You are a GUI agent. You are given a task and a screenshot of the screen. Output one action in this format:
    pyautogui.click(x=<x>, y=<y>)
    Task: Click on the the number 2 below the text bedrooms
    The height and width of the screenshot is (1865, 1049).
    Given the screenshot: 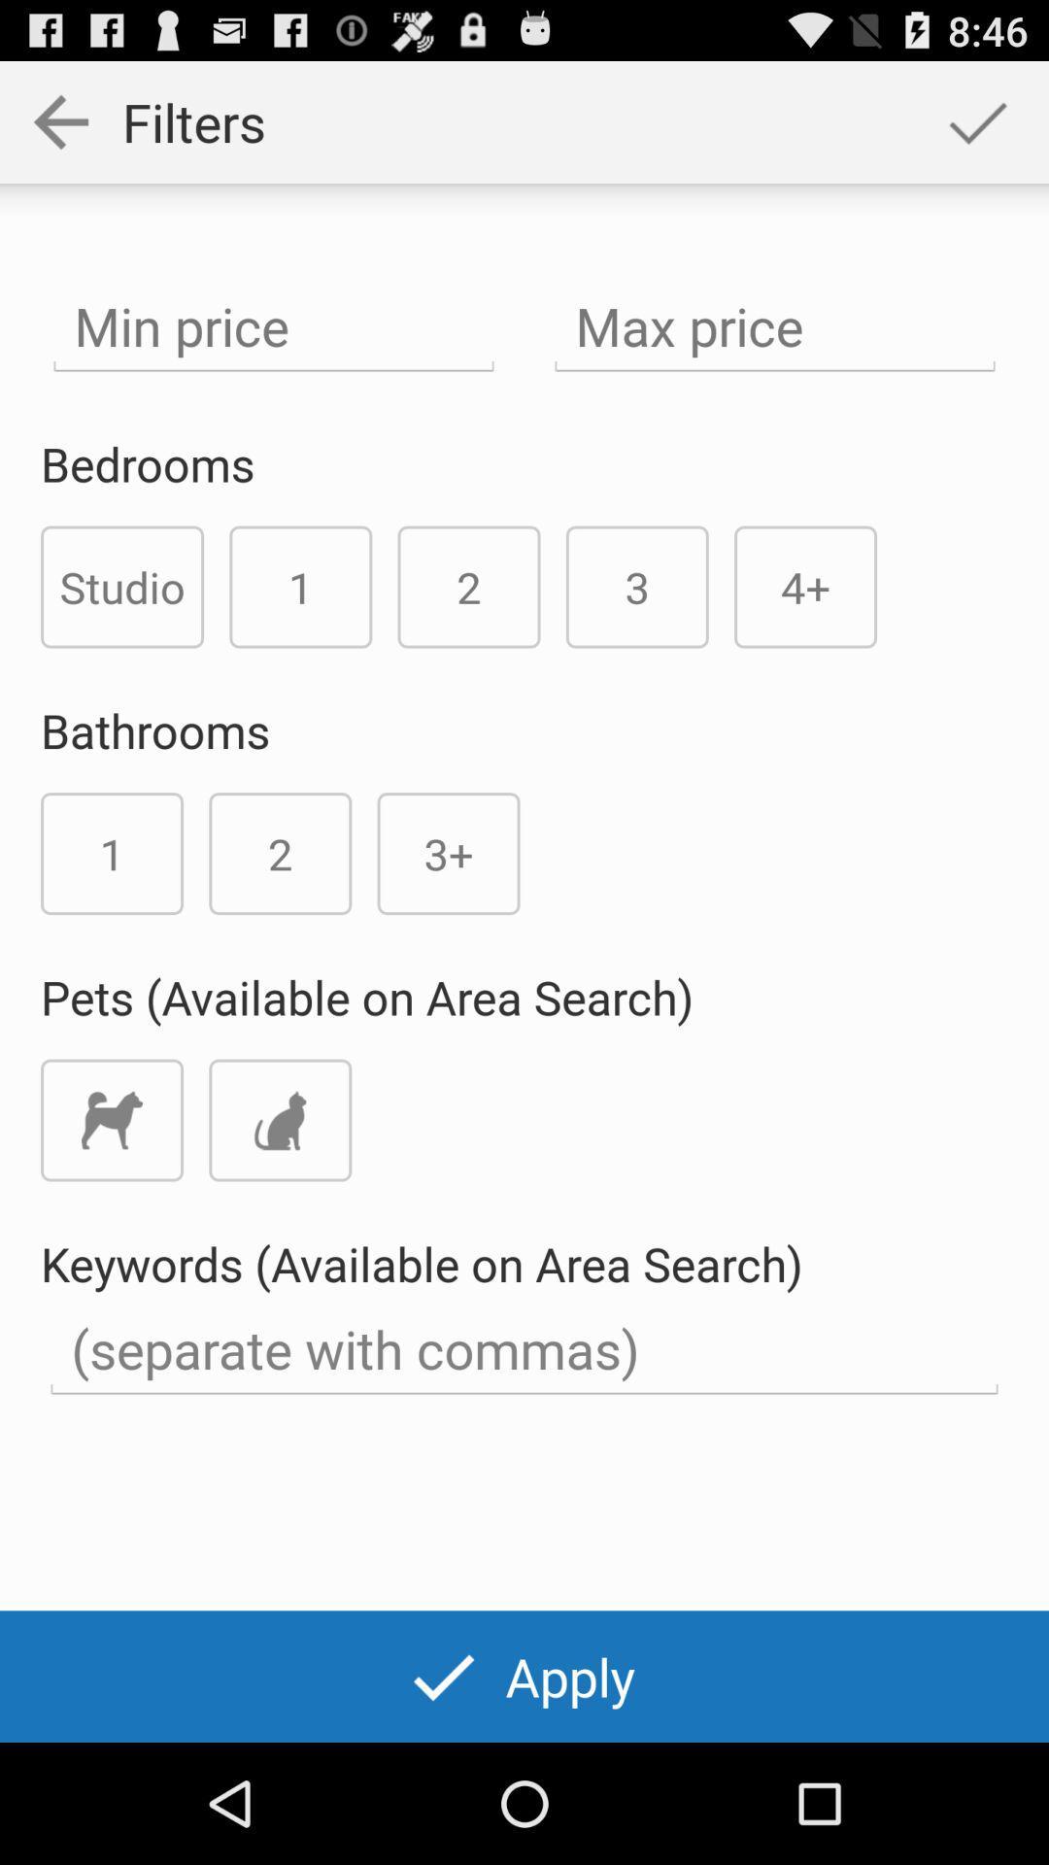 What is the action you would take?
    pyautogui.click(x=469, y=586)
    